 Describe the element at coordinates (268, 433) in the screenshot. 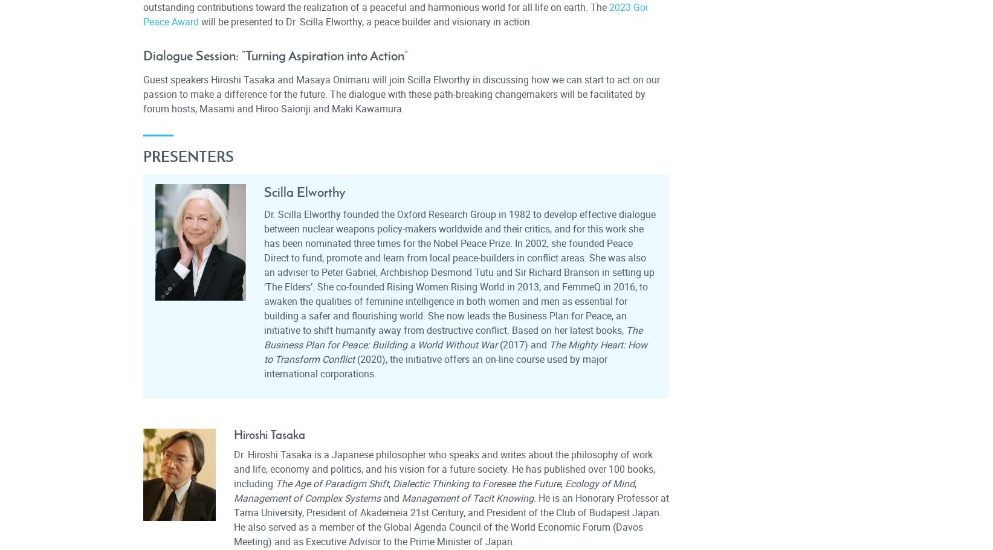

I see `'Hiroshi Tasaka'` at that location.